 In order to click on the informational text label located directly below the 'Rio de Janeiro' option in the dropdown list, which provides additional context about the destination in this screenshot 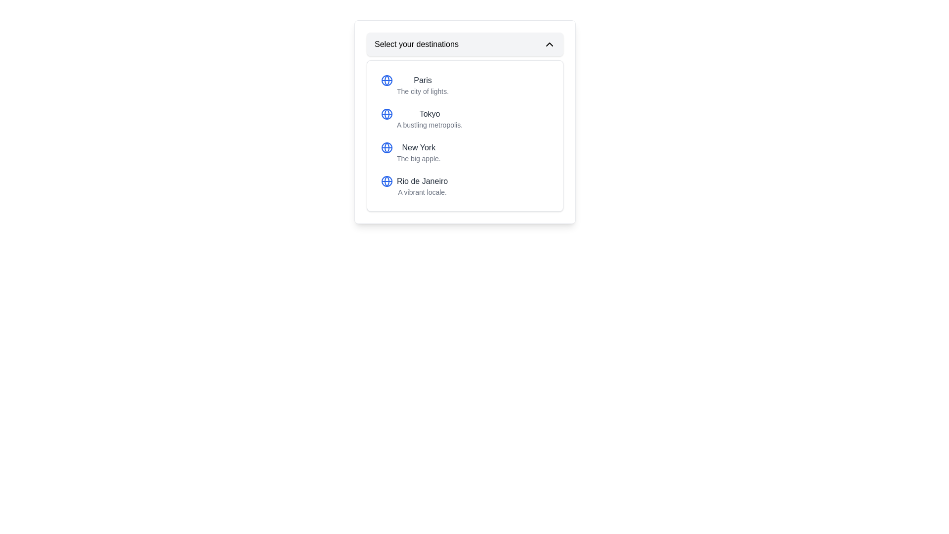, I will do `click(422, 192)`.